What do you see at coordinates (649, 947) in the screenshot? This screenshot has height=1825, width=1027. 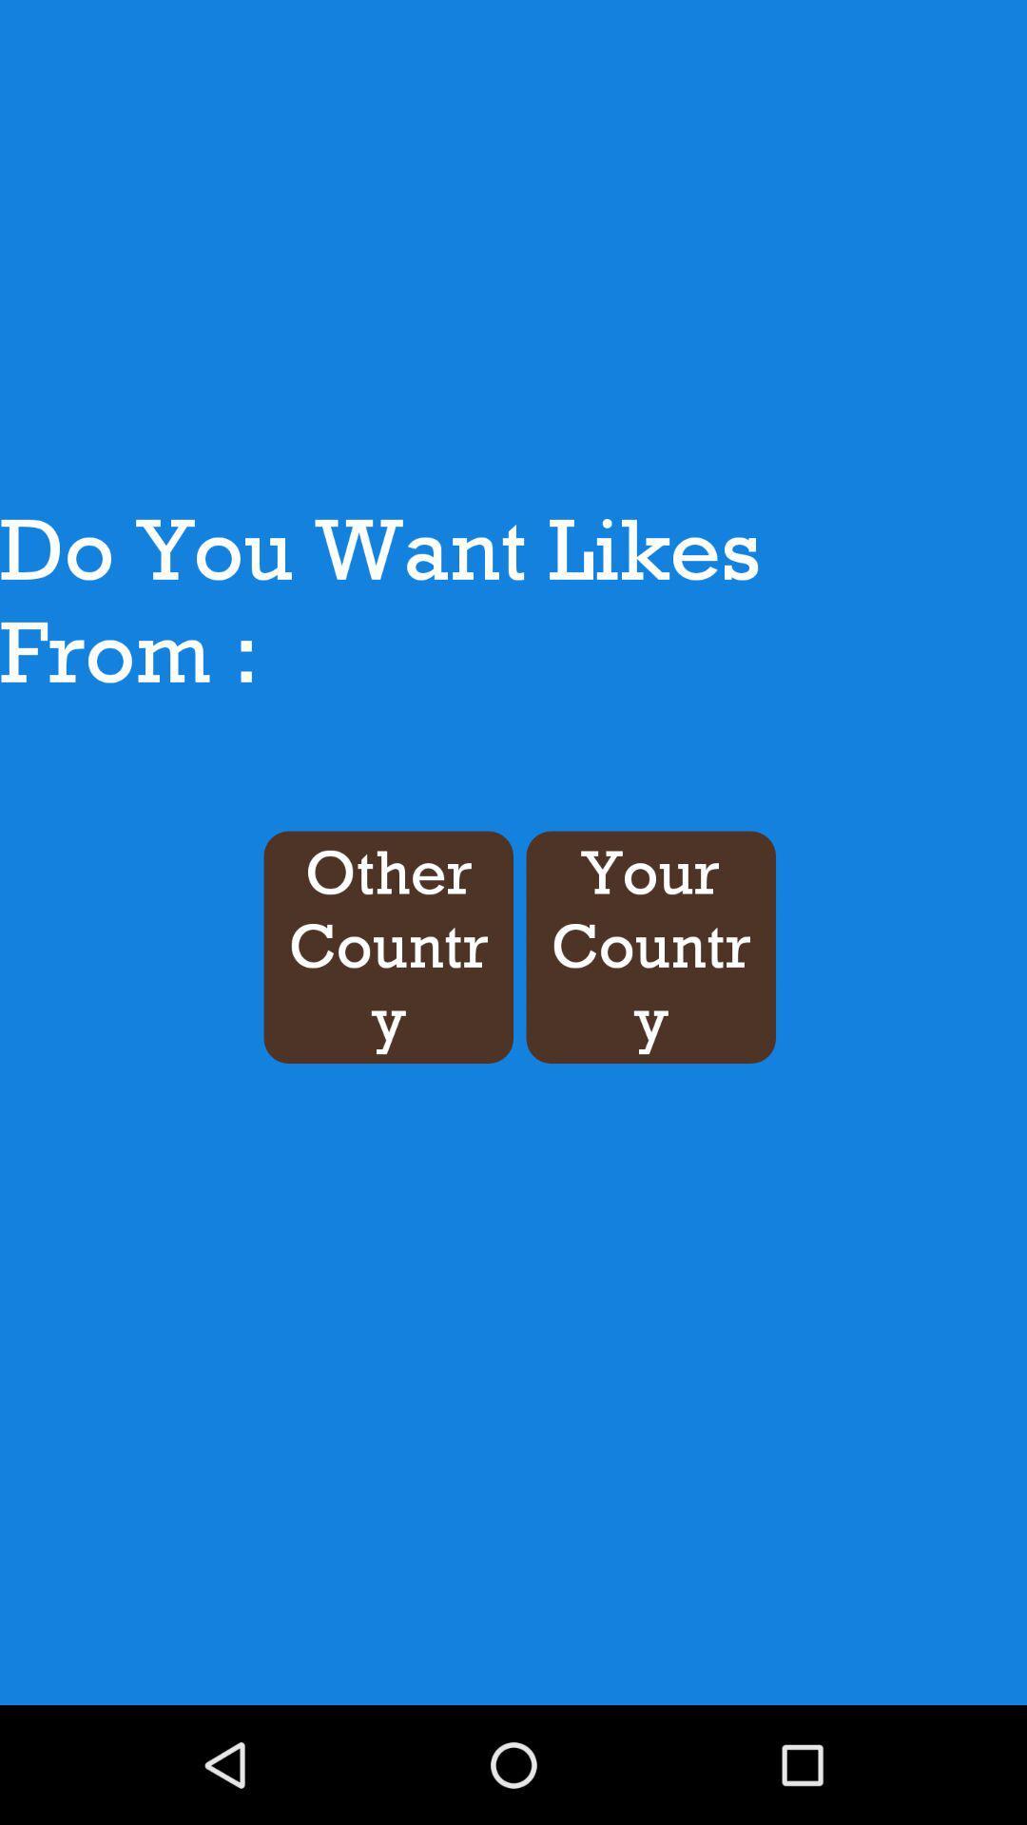 I see `the button next to the other country item` at bounding box center [649, 947].